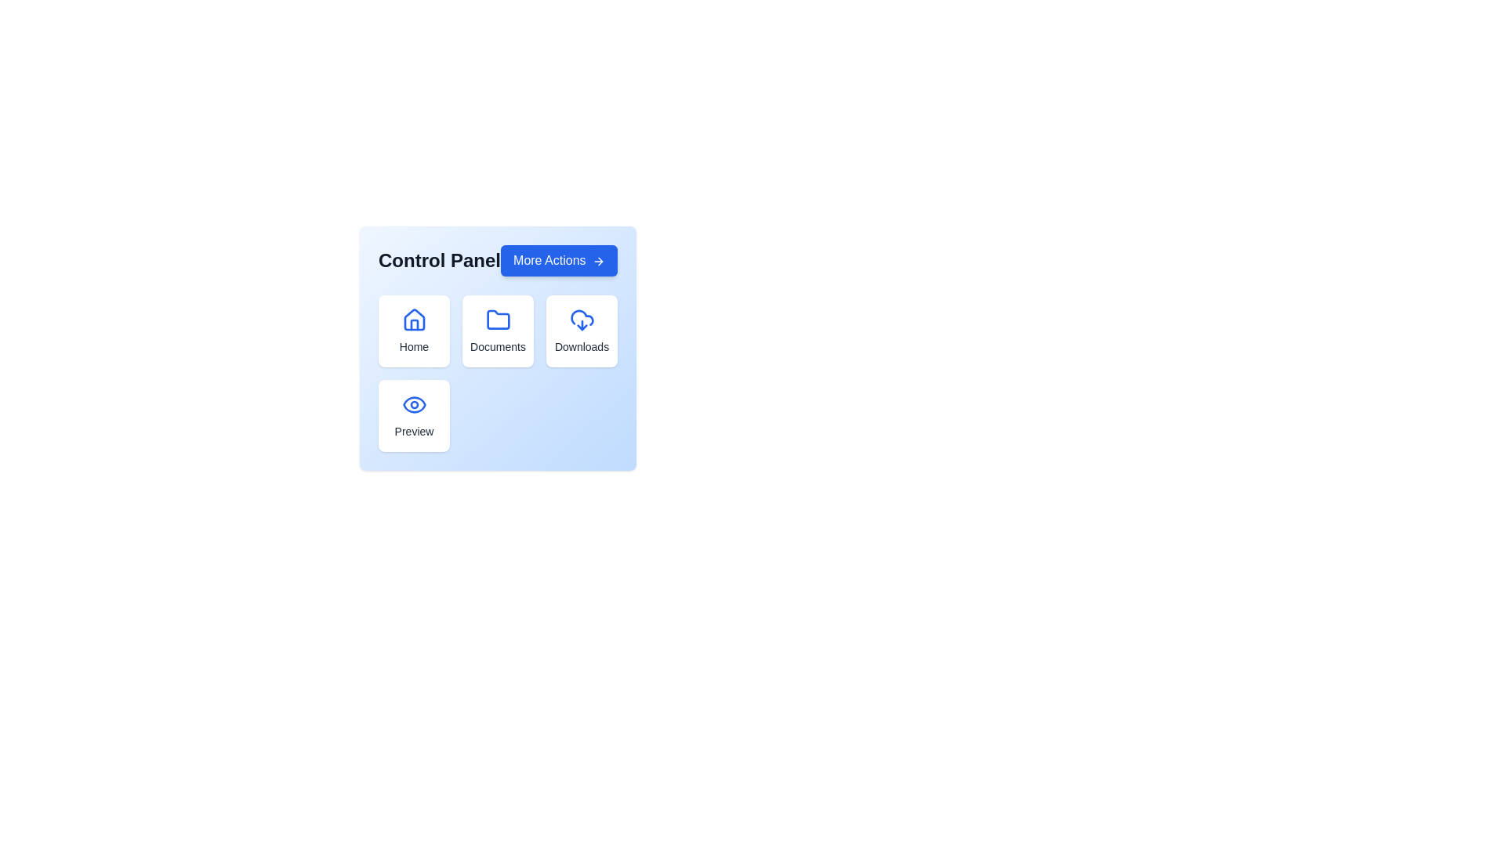  I want to click on the interactive button for accessing the 'Downloads' section, which is the third element in the first row of the grid layout, located to the right of the 'Documents' element and above the 'Preview' element, so click(581, 331).